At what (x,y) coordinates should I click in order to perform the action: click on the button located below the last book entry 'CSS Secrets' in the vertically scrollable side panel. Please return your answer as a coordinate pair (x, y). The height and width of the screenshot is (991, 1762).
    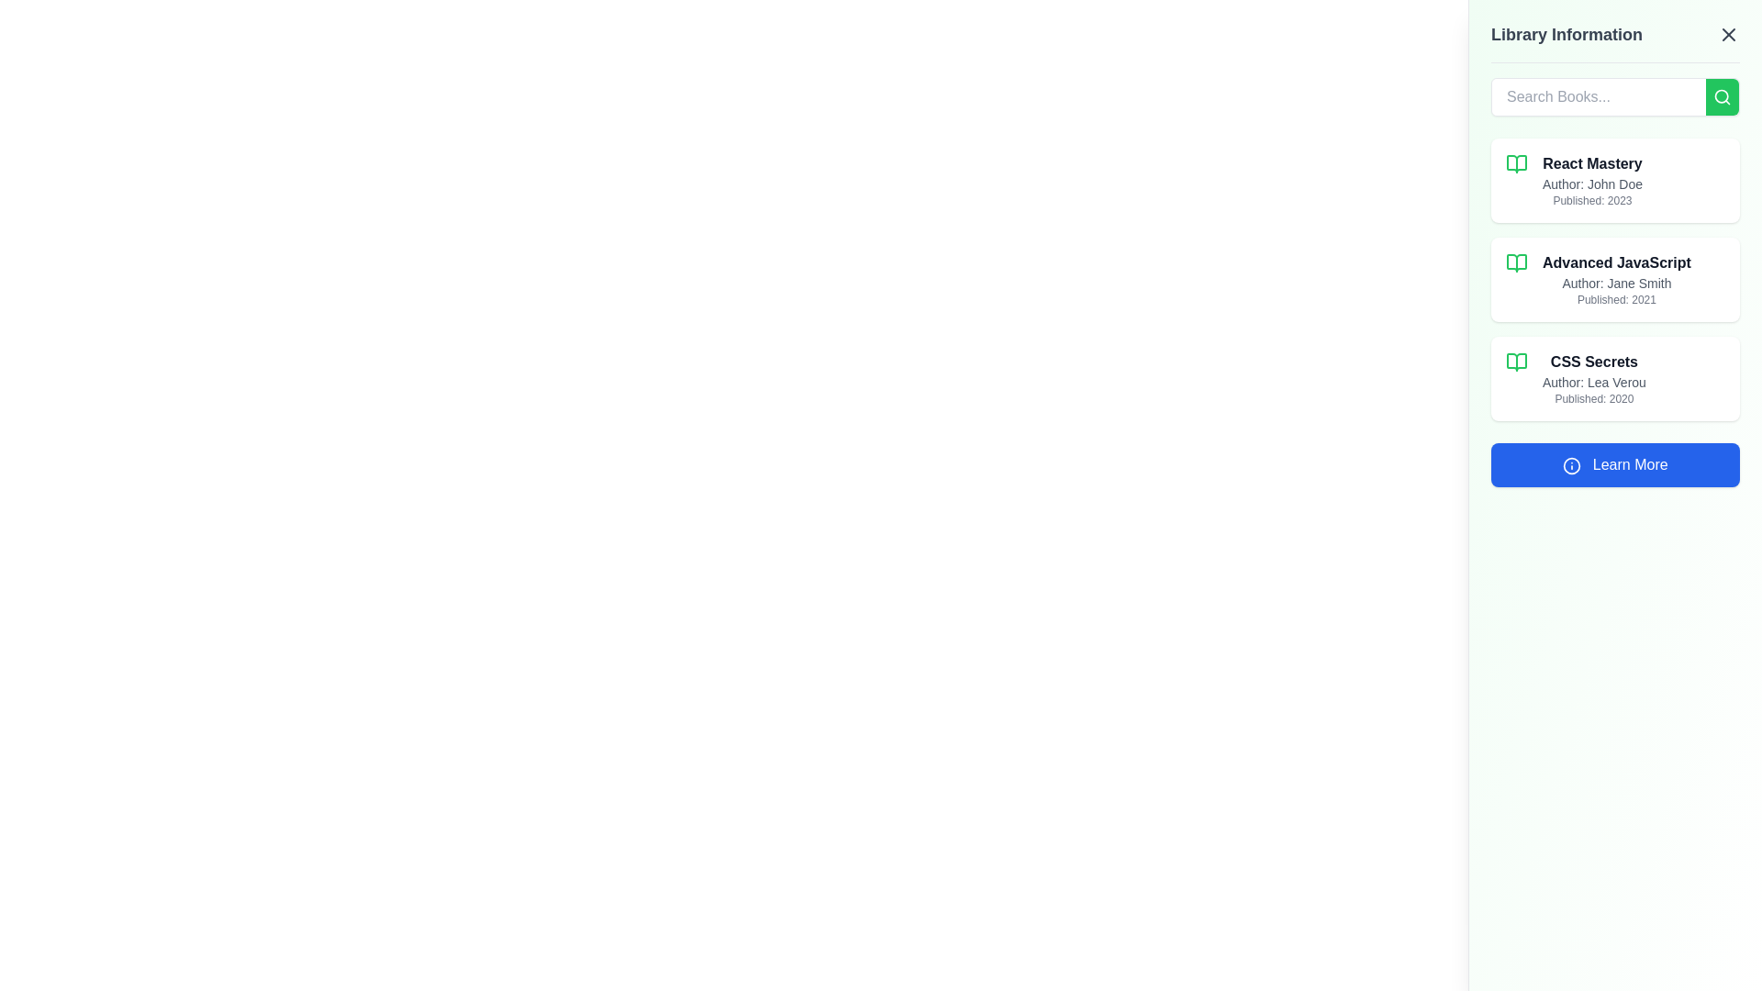
    Looking at the image, I should click on (1615, 463).